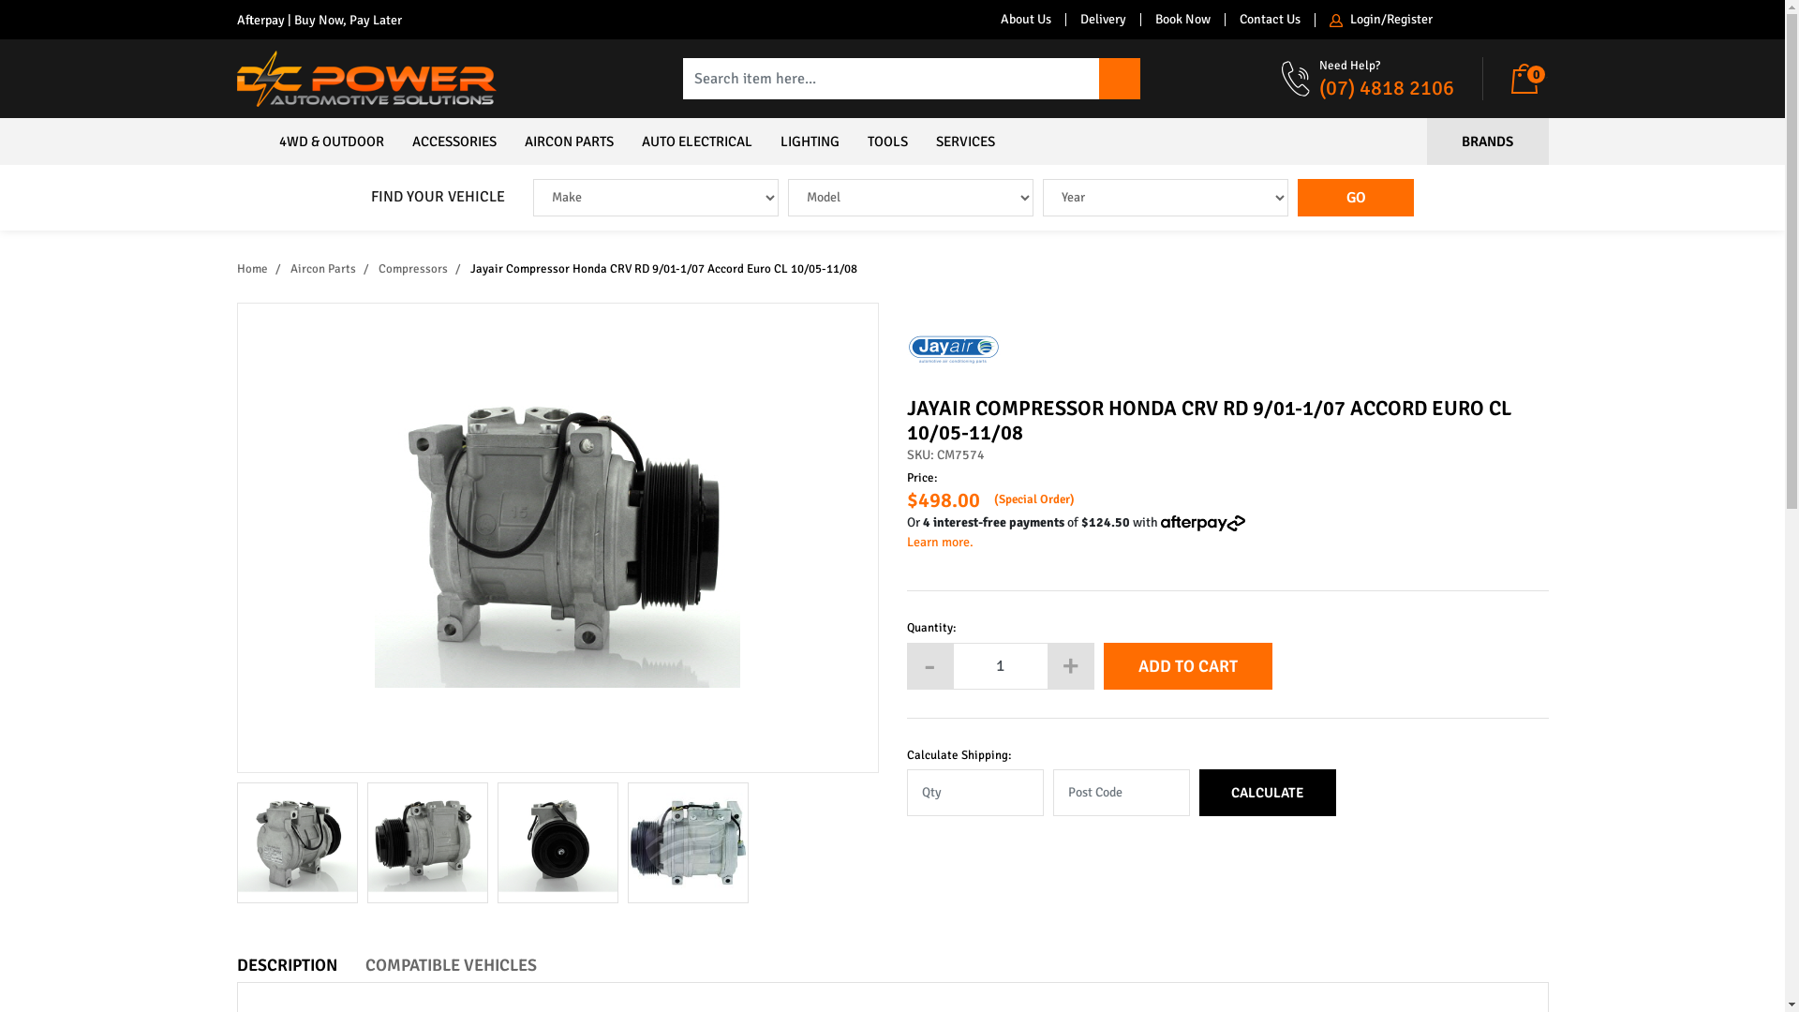  I want to click on 'COMPATIBLE VEHICLES', so click(451, 964).